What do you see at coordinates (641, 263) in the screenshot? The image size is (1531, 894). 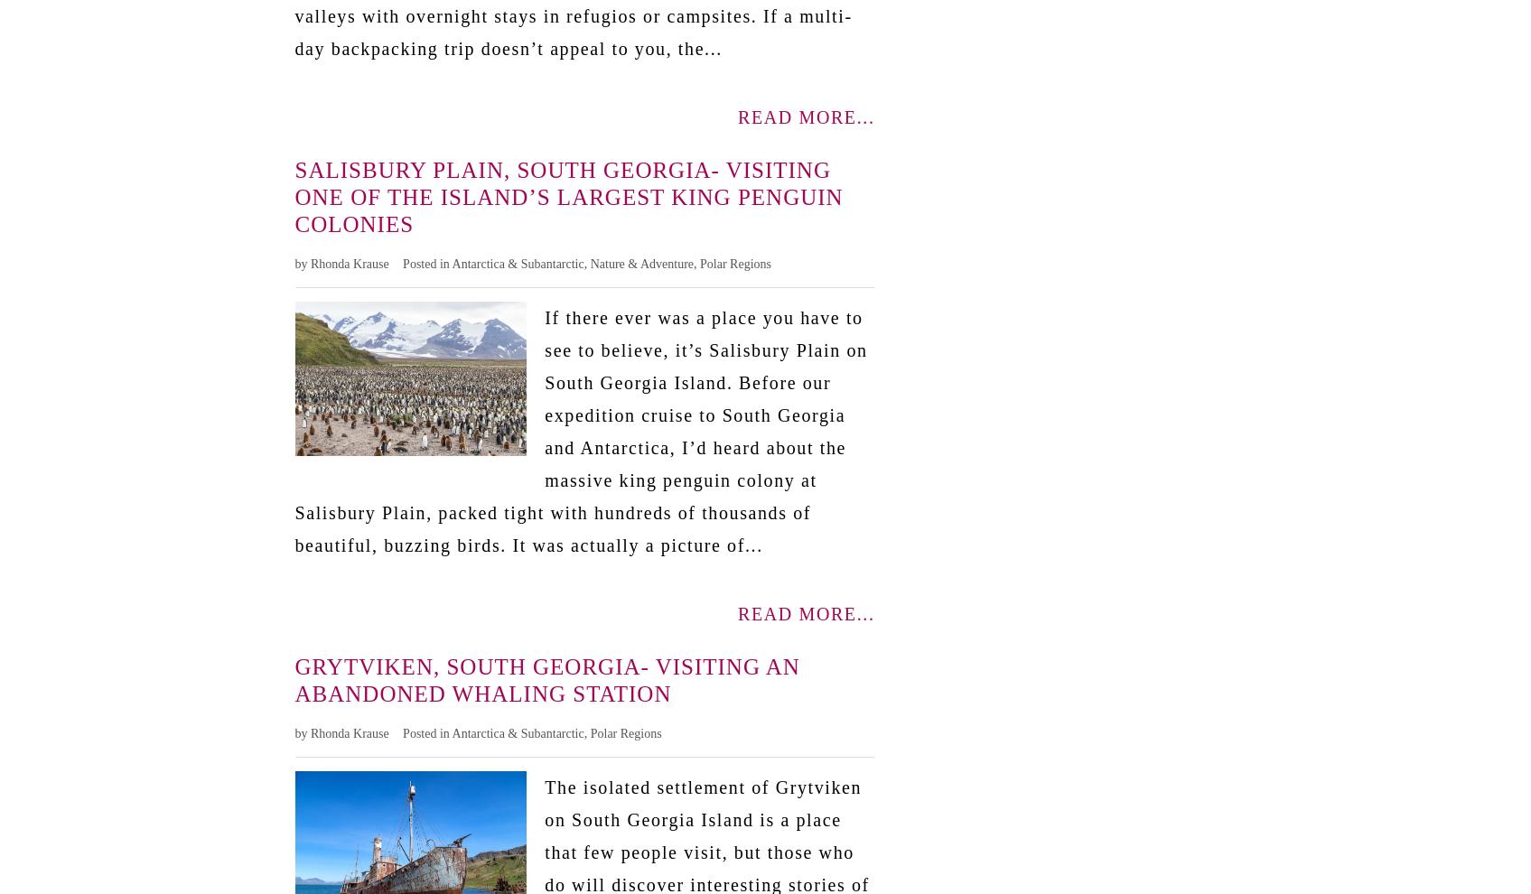 I see `'Nature & Adventure'` at bounding box center [641, 263].